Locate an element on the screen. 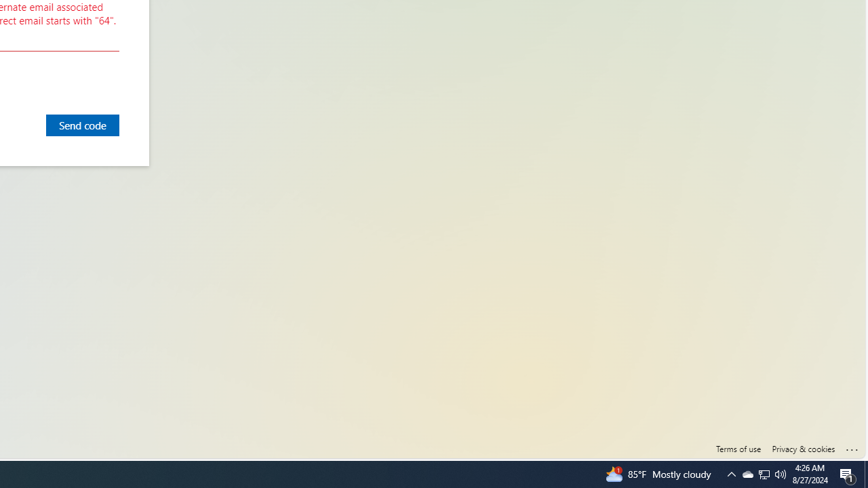 The image size is (868, 488). 'Privacy & cookies' is located at coordinates (803, 449).